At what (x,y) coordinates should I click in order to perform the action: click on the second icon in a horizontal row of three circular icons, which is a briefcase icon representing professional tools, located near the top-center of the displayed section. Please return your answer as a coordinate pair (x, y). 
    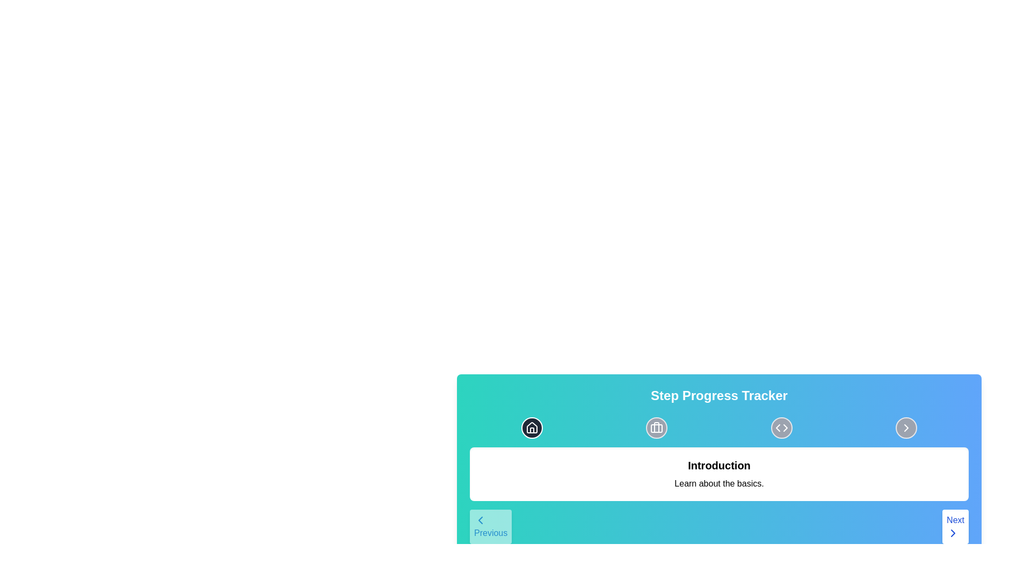
    Looking at the image, I should click on (656, 427).